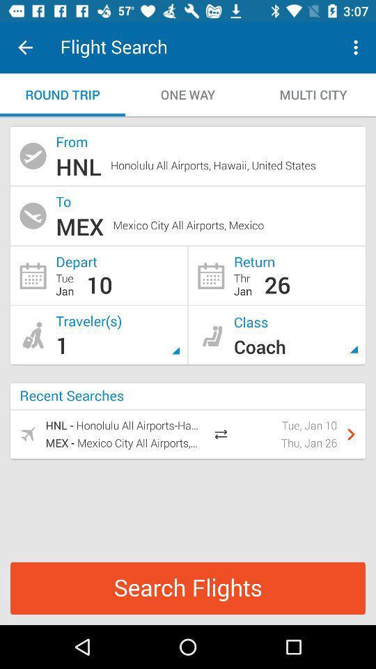 This screenshot has height=669, width=376. Describe the element at coordinates (188, 587) in the screenshot. I see `the search flights` at that location.